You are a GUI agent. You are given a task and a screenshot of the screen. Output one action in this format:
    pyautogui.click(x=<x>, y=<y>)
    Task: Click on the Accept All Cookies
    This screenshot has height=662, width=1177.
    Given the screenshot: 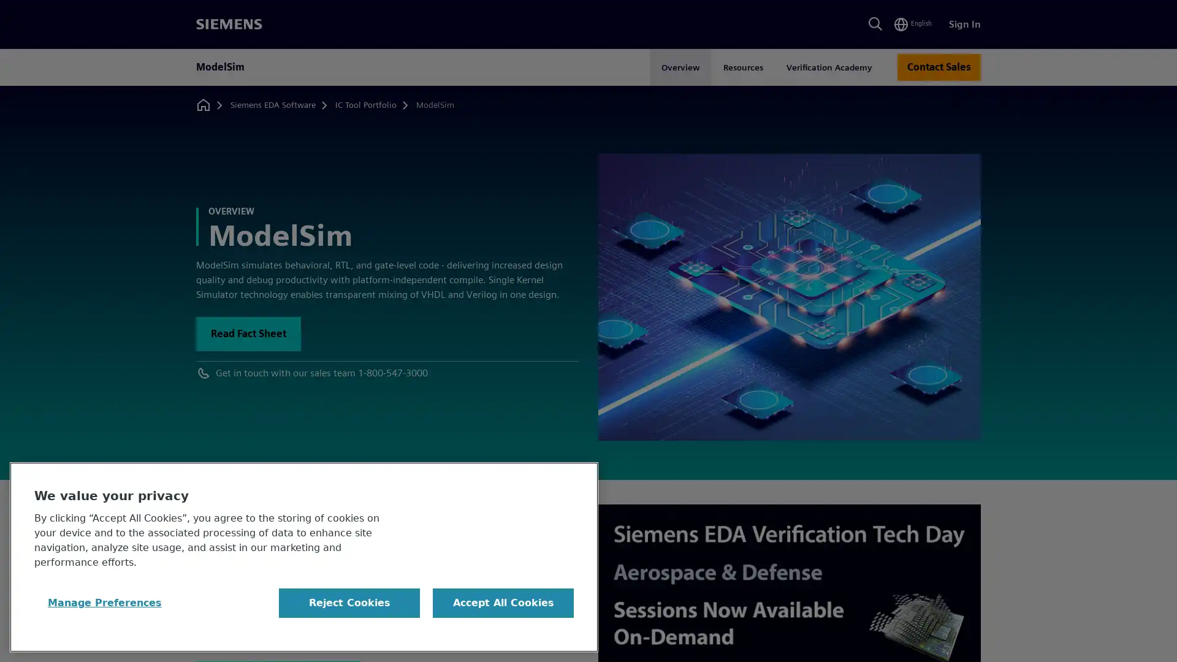 What is the action you would take?
    pyautogui.click(x=503, y=602)
    